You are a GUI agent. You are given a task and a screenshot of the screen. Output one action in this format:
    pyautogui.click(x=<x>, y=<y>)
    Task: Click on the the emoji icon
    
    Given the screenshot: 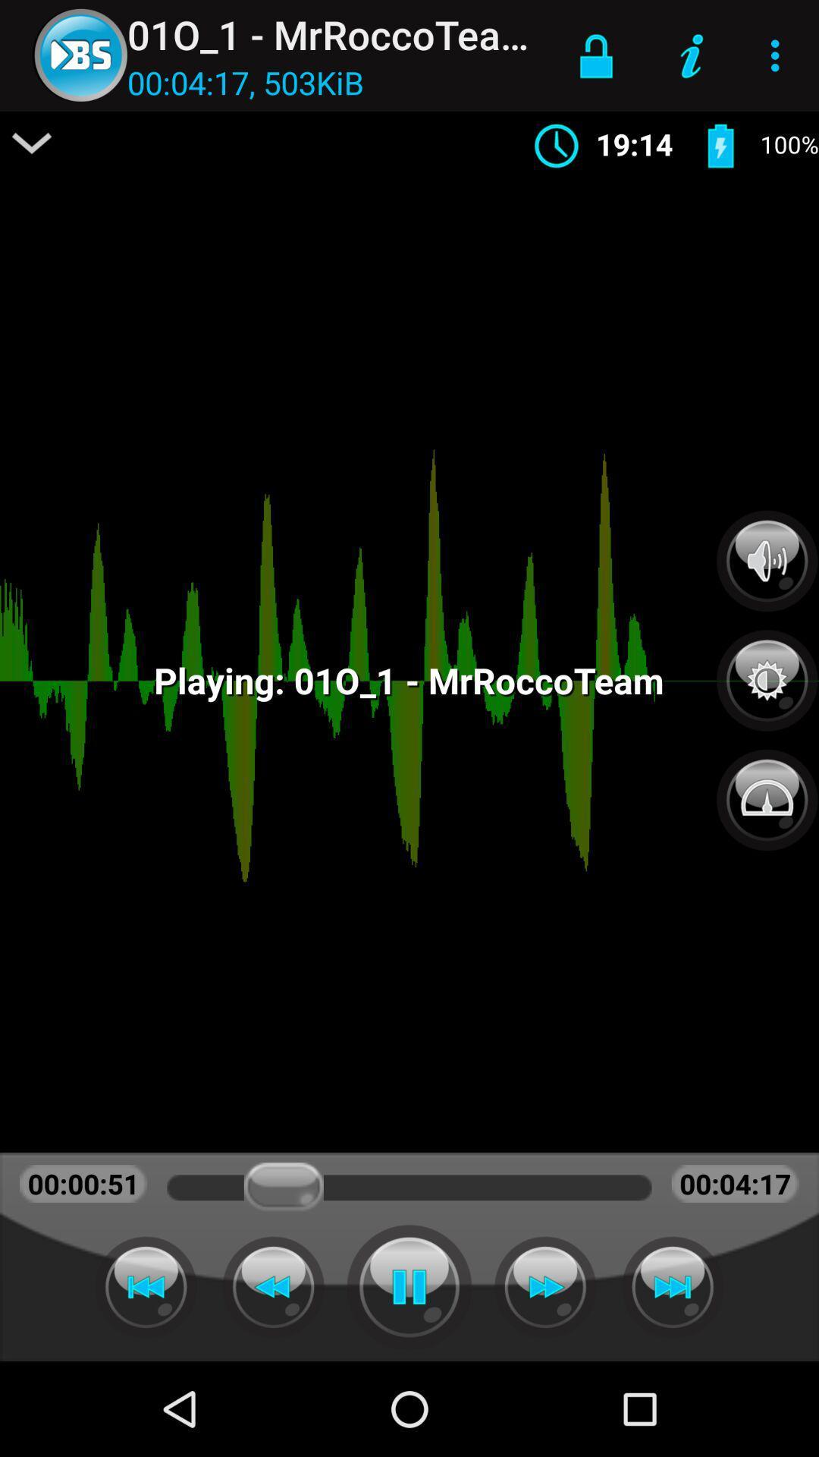 What is the action you would take?
    pyautogui.click(x=767, y=791)
    